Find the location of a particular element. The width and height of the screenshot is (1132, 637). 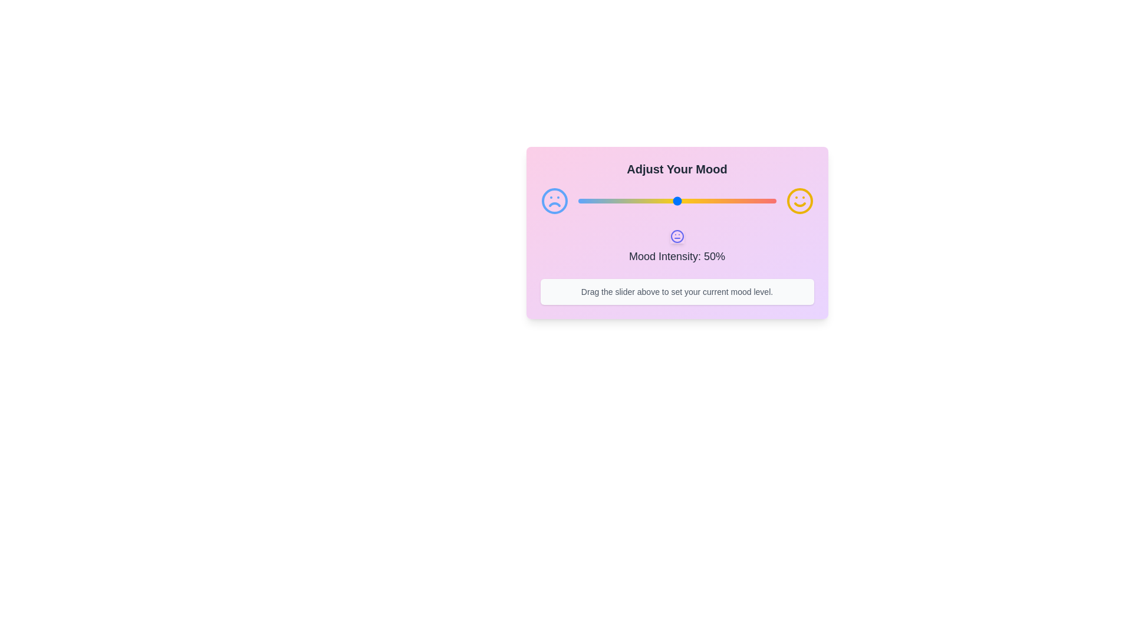

the mood slider to 97% is located at coordinates (770, 200).